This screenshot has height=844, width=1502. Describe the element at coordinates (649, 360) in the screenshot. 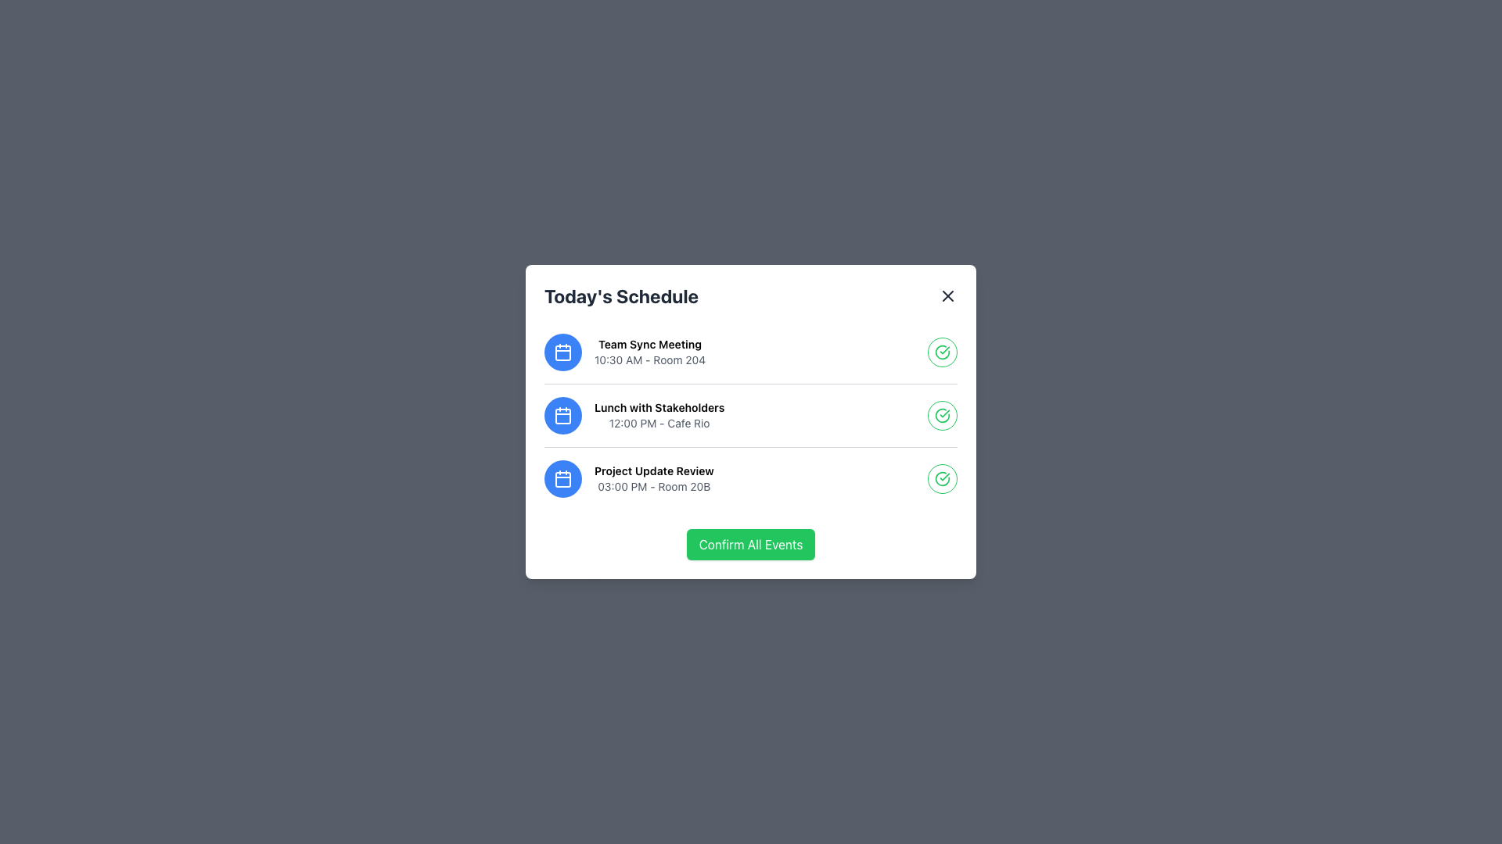

I see `text segment displaying '10:30 AM - Room 204' that is positioned beneath the bold 'Team Sync Meeting' text` at that location.